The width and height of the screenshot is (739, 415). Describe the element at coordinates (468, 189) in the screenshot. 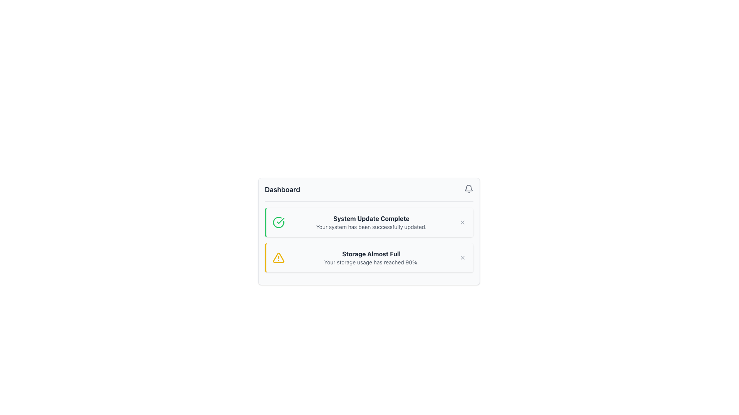

I see `the gray bell icon located in the top-right corner of the header section titled 'Dashboard', positioned to the right of the text 'Dashboard'` at that location.